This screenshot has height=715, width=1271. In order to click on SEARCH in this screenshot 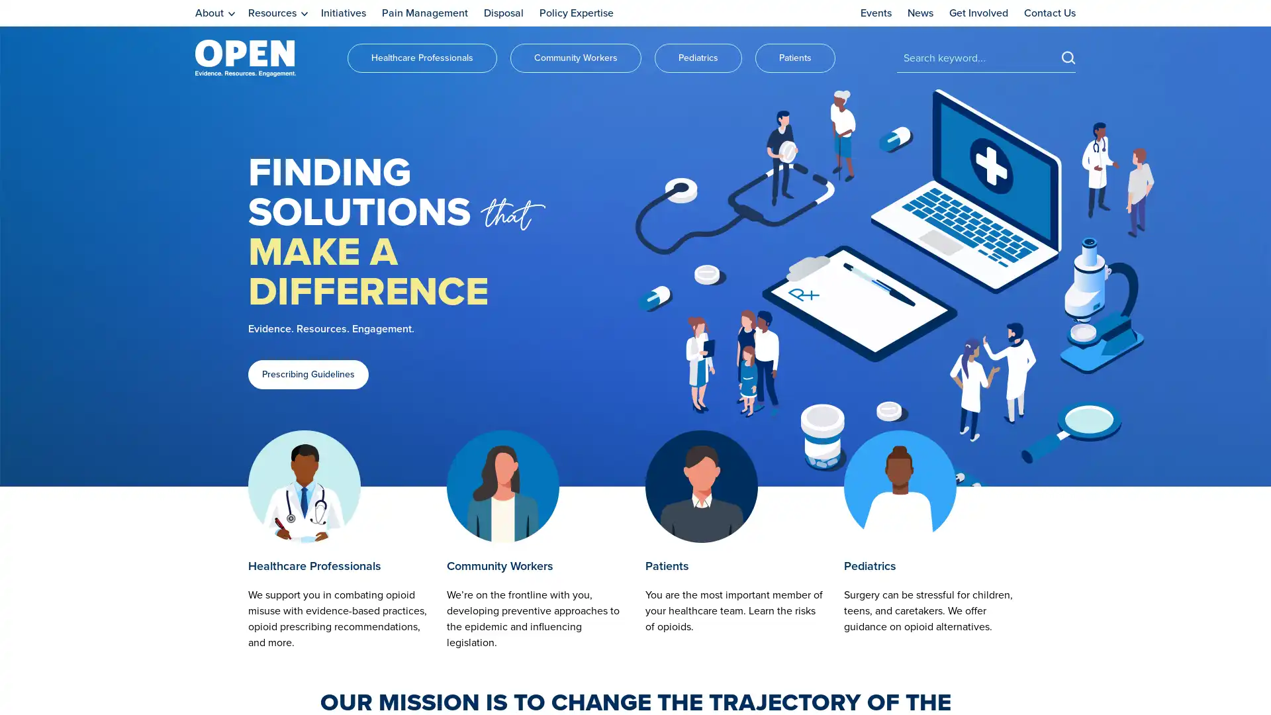, I will do `click(1068, 56)`.